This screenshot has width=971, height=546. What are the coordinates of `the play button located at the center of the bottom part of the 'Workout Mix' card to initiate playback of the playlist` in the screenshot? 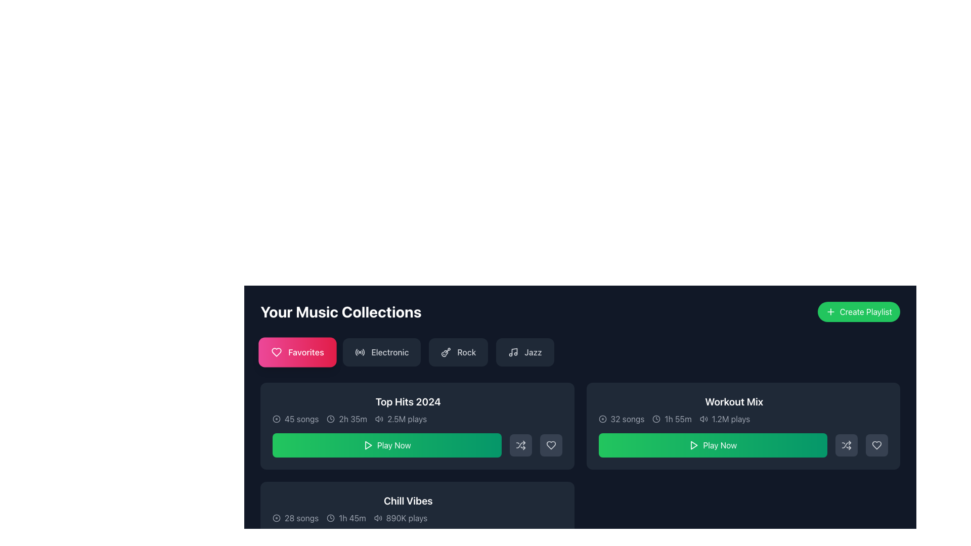 It's located at (743, 444).